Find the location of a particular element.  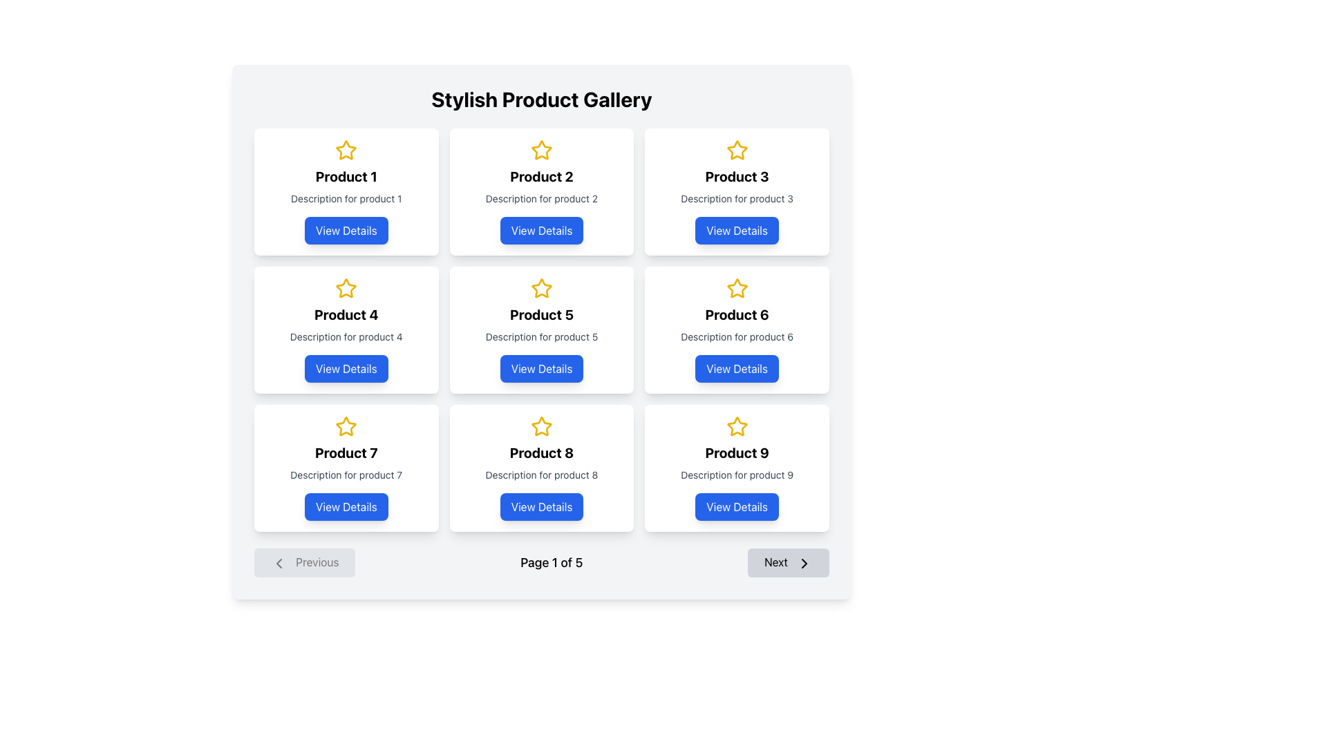

the button in the sixth product card is located at coordinates (736, 367).